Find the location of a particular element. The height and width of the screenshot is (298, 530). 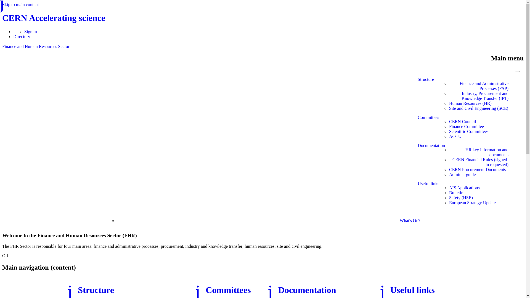

'Safety (HSE)' is located at coordinates (449, 198).